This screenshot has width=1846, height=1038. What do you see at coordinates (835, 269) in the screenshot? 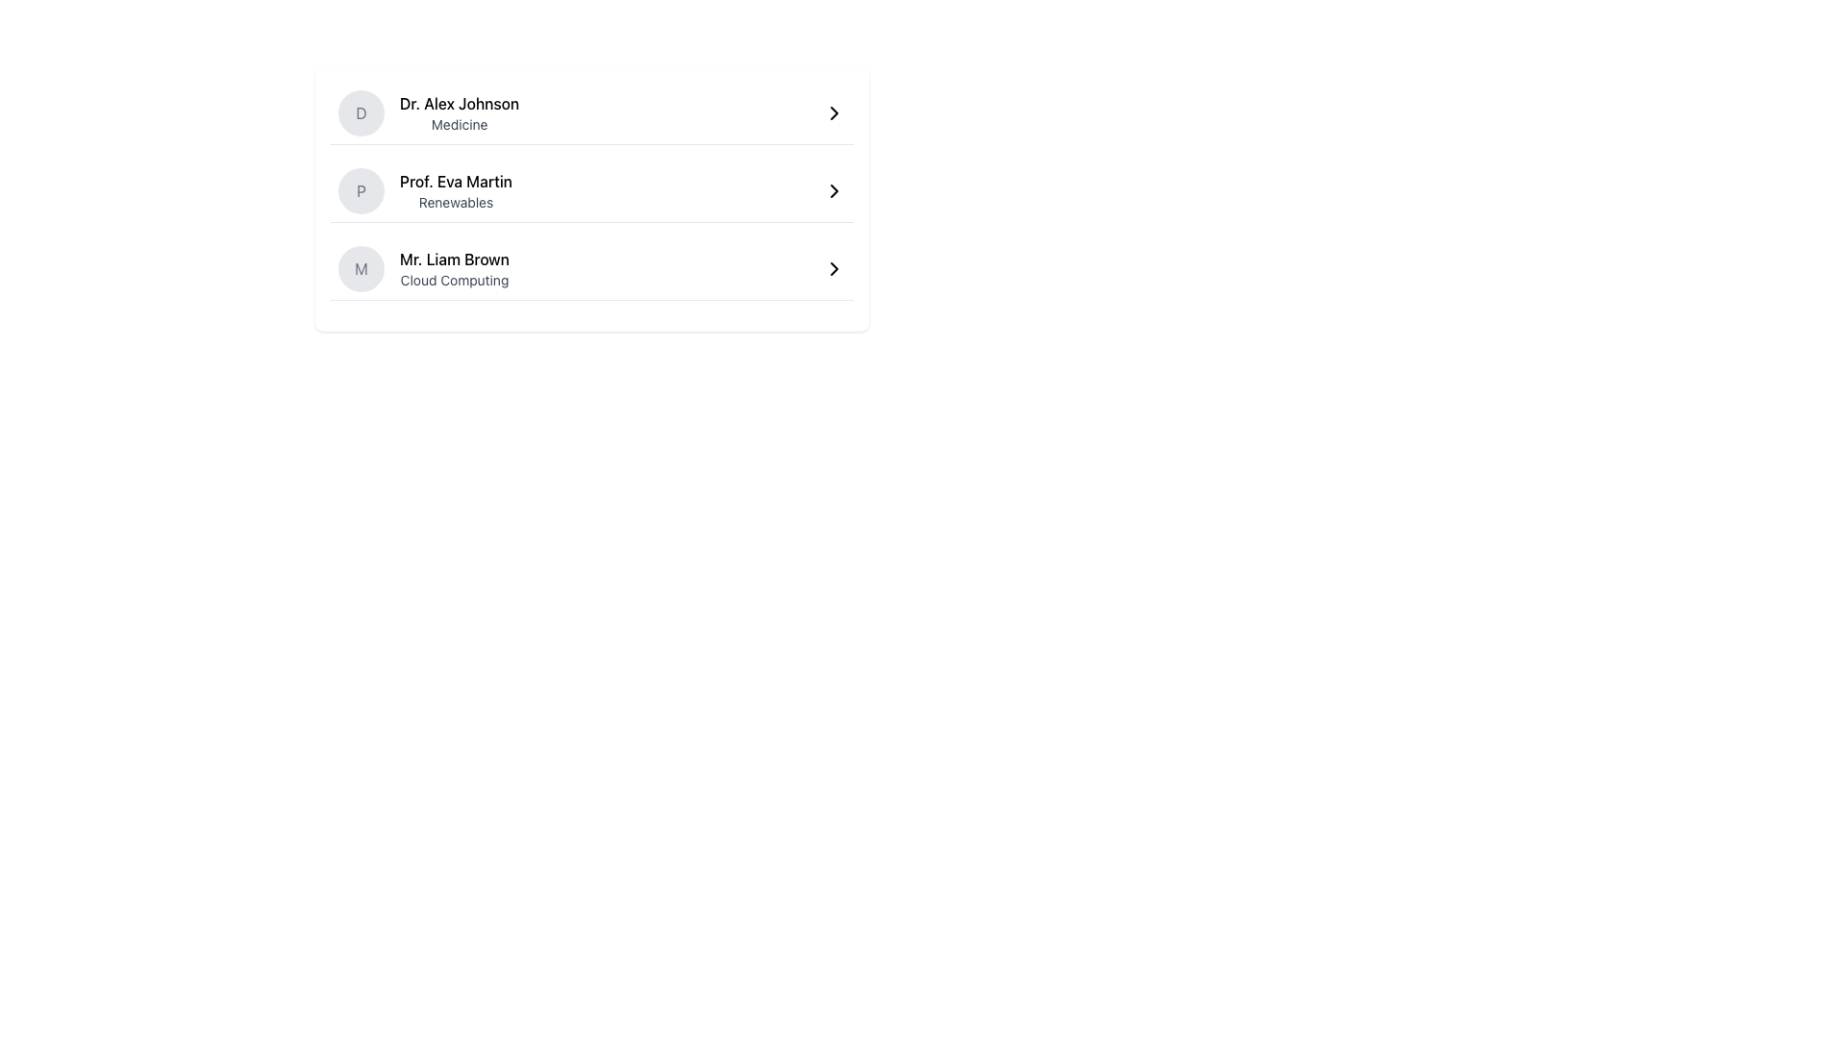
I see `the right-facing Chevron Icon positioned to the far-right of the 'Mr. Liam Brown' entry` at bounding box center [835, 269].